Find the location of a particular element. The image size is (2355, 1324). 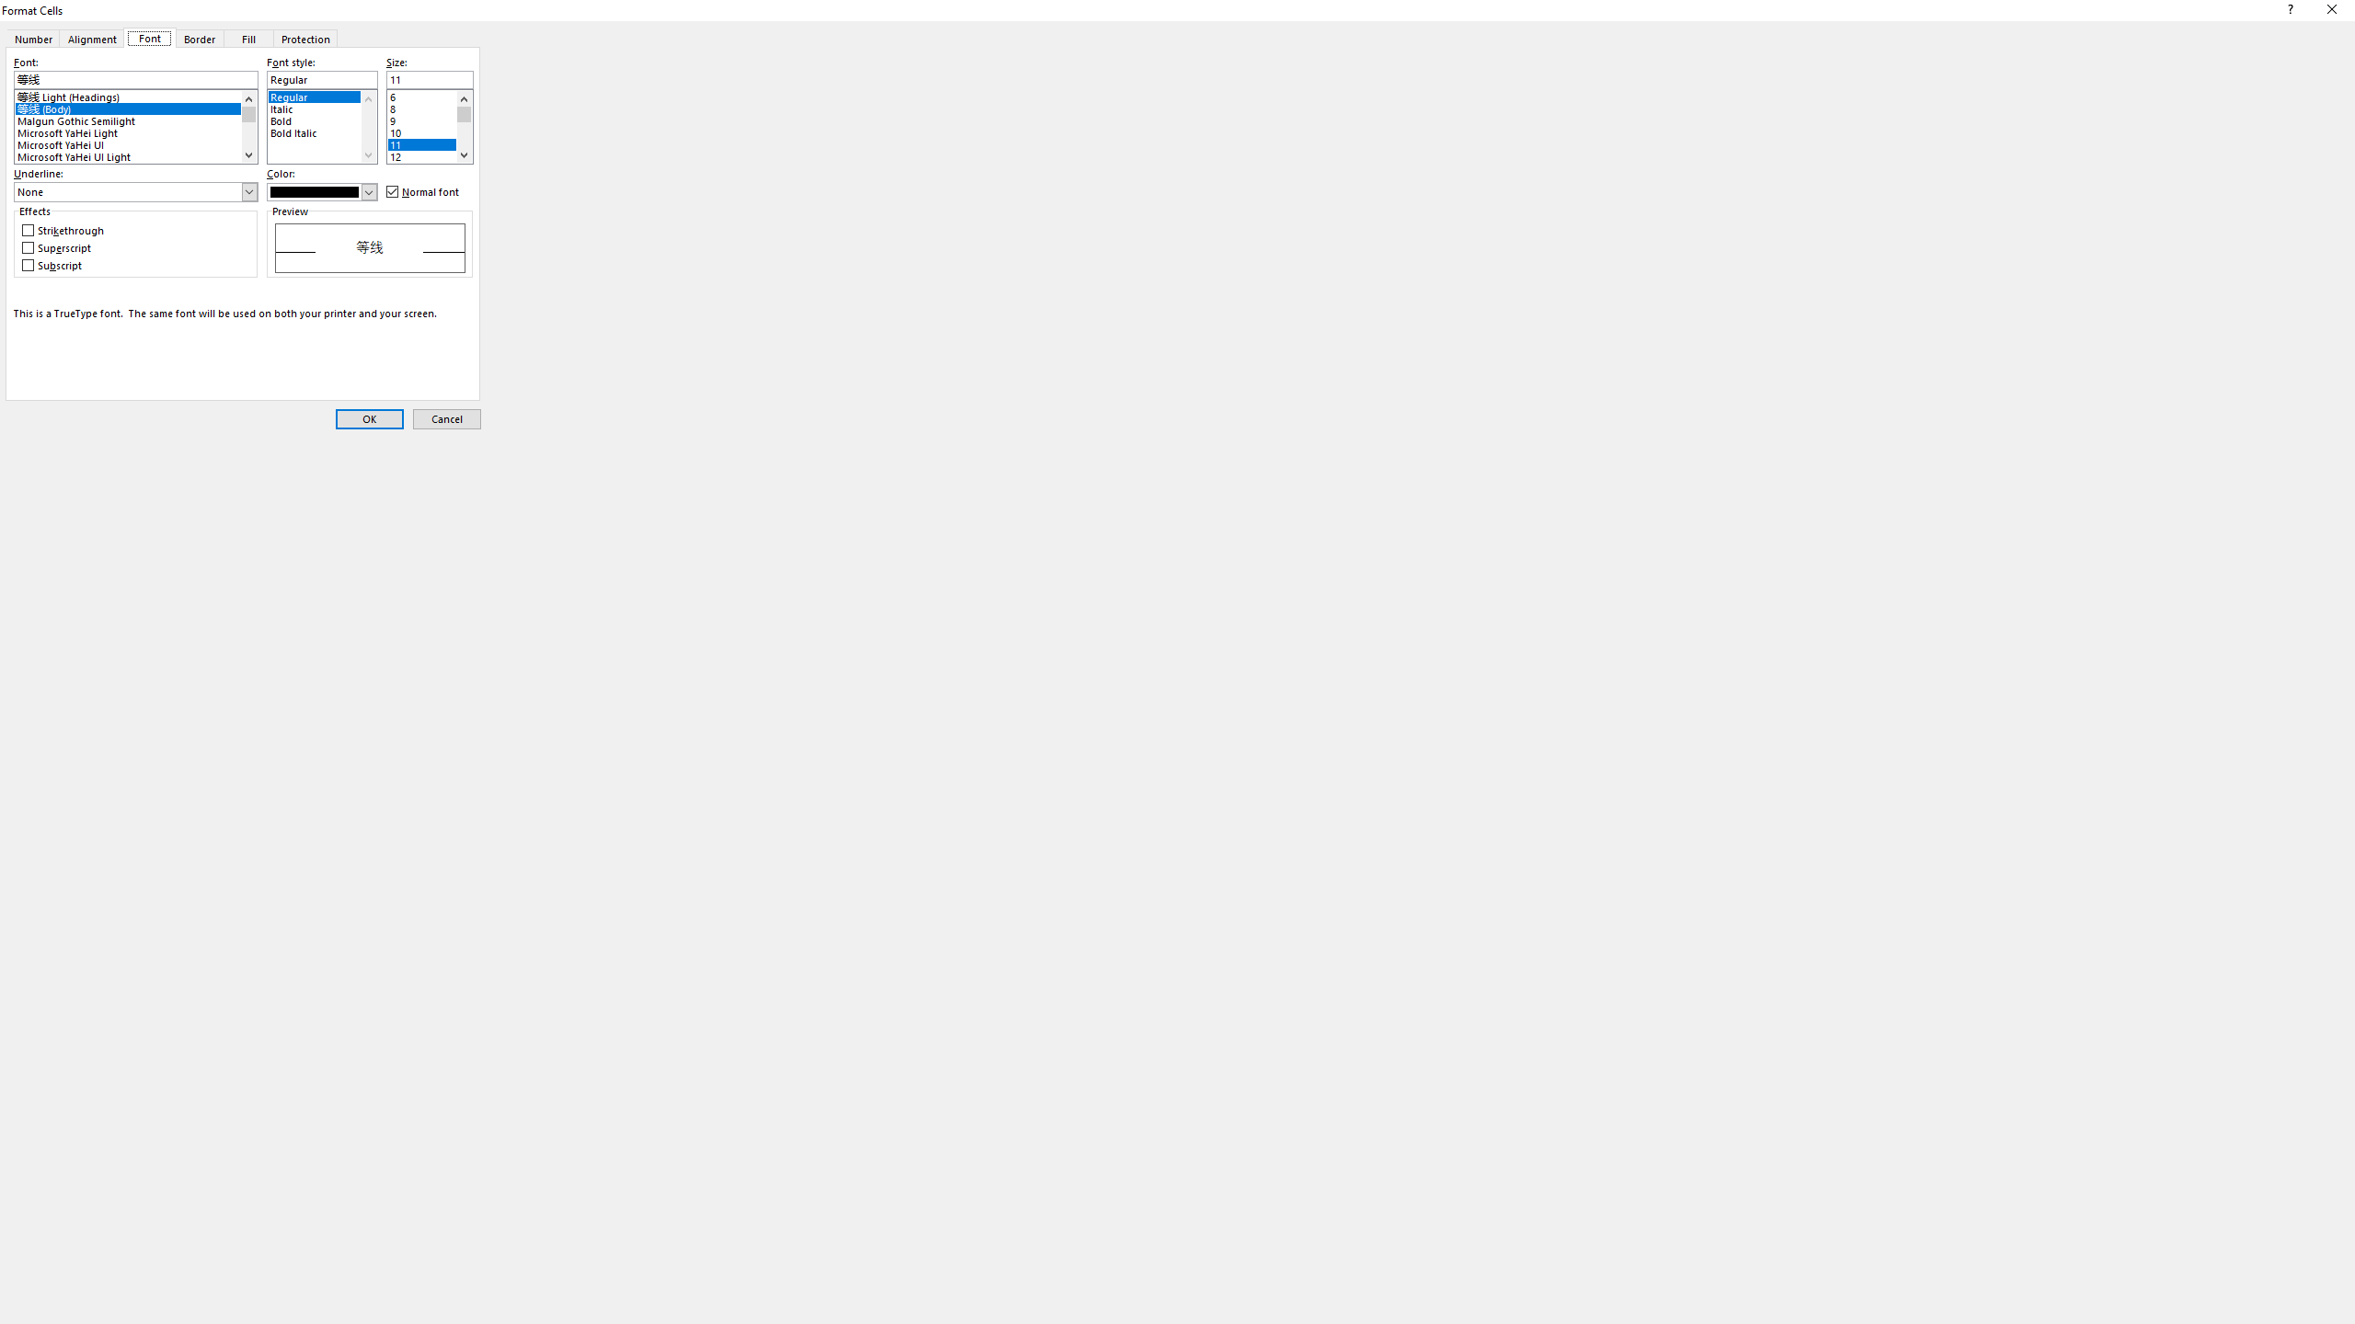

'Fill' is located at coordinates (247, 38).